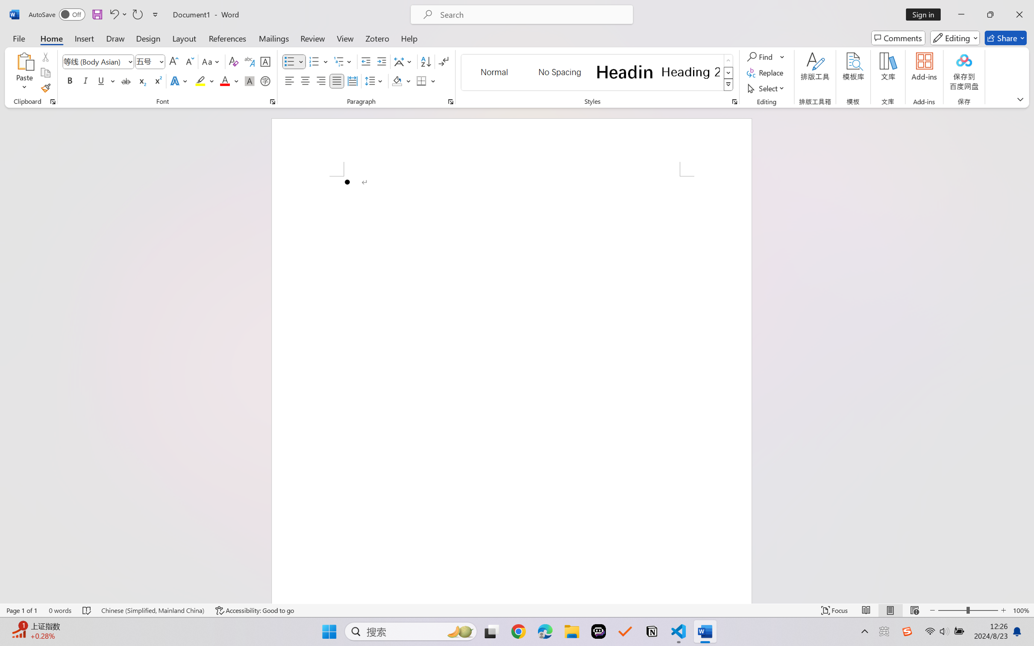 Image resolution: width=1034 pixels, height=646 pixels. What do you see at coordinates (926, 14) in the screenshot?
I see `'Sign in'` at bounding box center [926, 14].